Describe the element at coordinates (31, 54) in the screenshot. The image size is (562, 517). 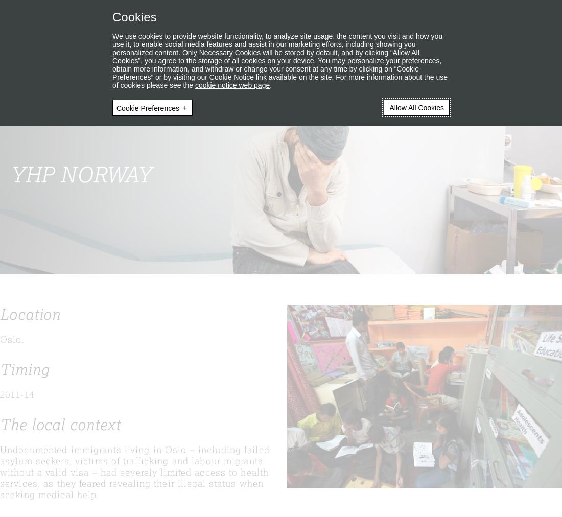
I see `'Programmes'` at that location.